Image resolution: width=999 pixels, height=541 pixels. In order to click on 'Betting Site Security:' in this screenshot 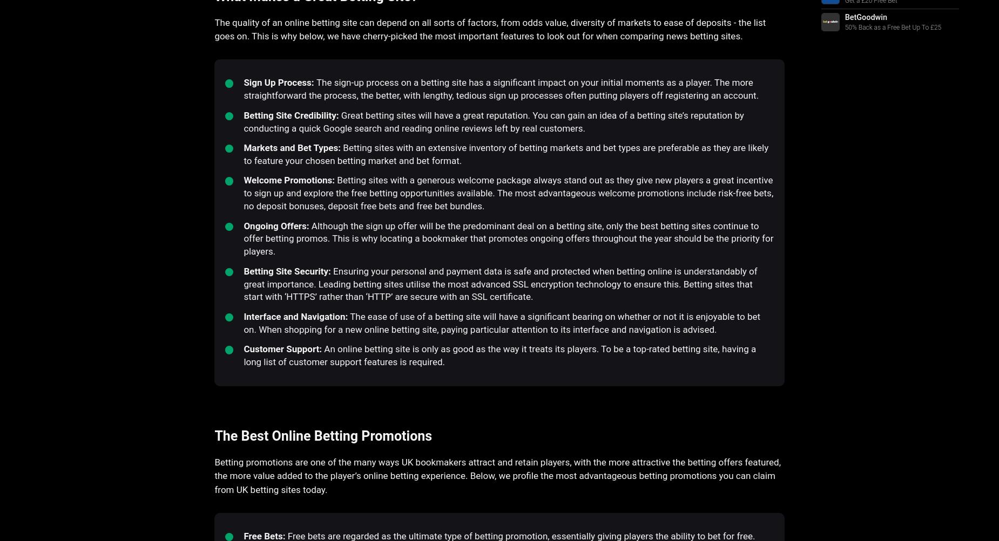, I will do `click(287, 271)`.